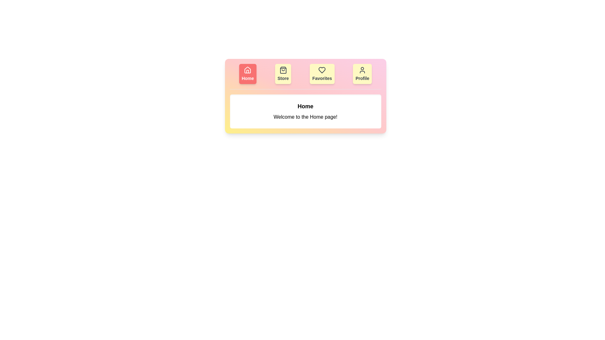 The width and height of the screenshot is (605, 340). Describe the element at coordinates (362, 74) in the screenshot. I see `the tab labeled Profile to switch to its content` at that location.